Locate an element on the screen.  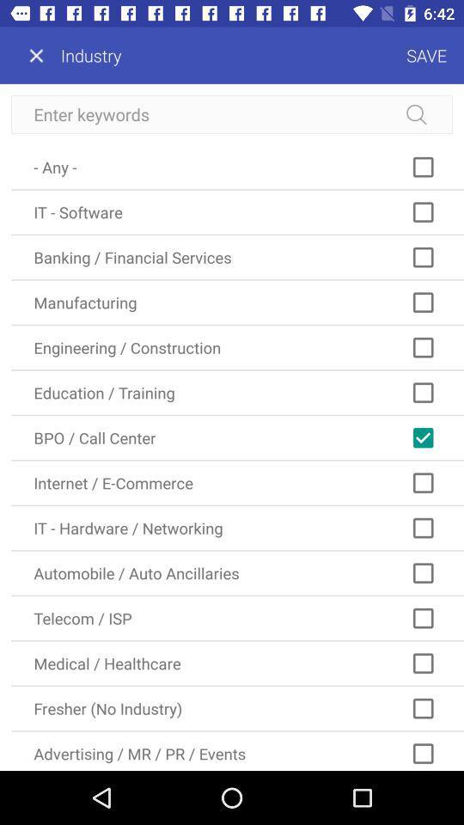
the item below the telecom / isp item is located at coordinates (236, 663).